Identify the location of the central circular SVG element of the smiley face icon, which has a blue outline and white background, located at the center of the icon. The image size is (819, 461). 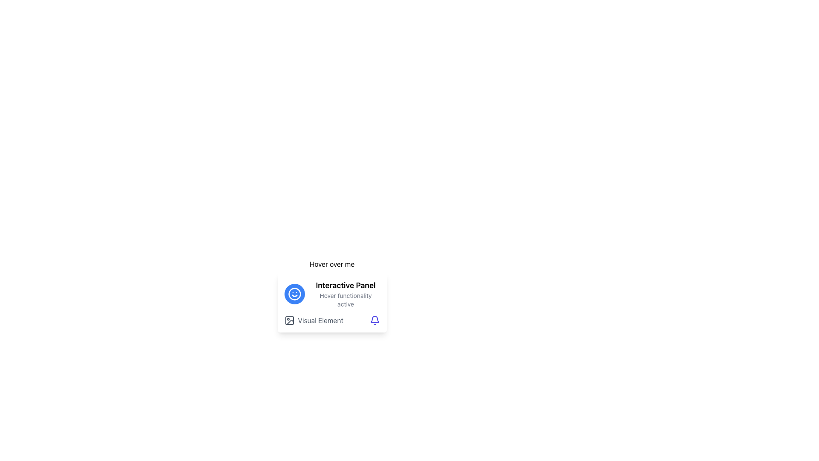
(294, 294).